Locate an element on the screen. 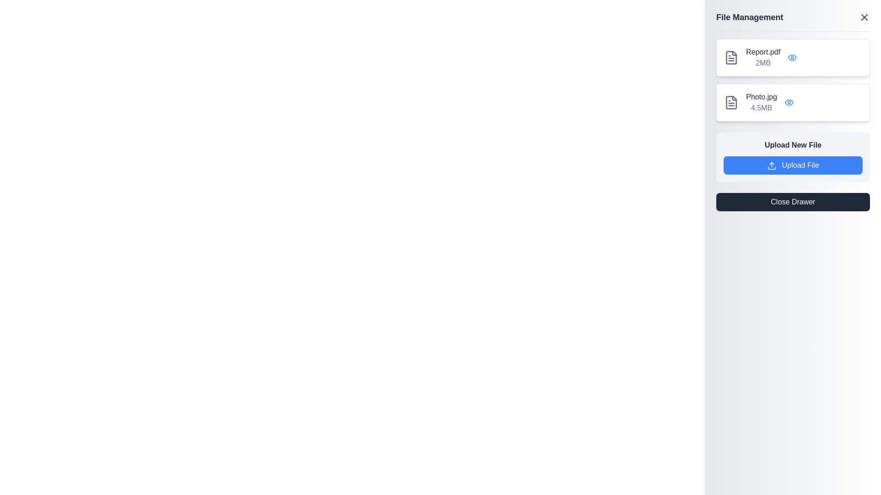  the file icon for 'Report.pdf', located on the far right side of the interface is located at coordinates (730, 57).